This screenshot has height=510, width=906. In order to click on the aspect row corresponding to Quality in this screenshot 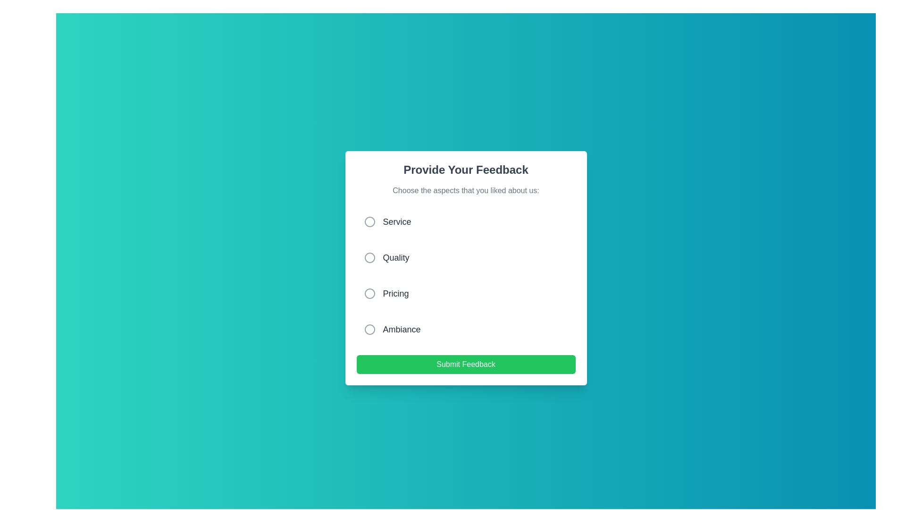, I will do `click(466, 258)`.